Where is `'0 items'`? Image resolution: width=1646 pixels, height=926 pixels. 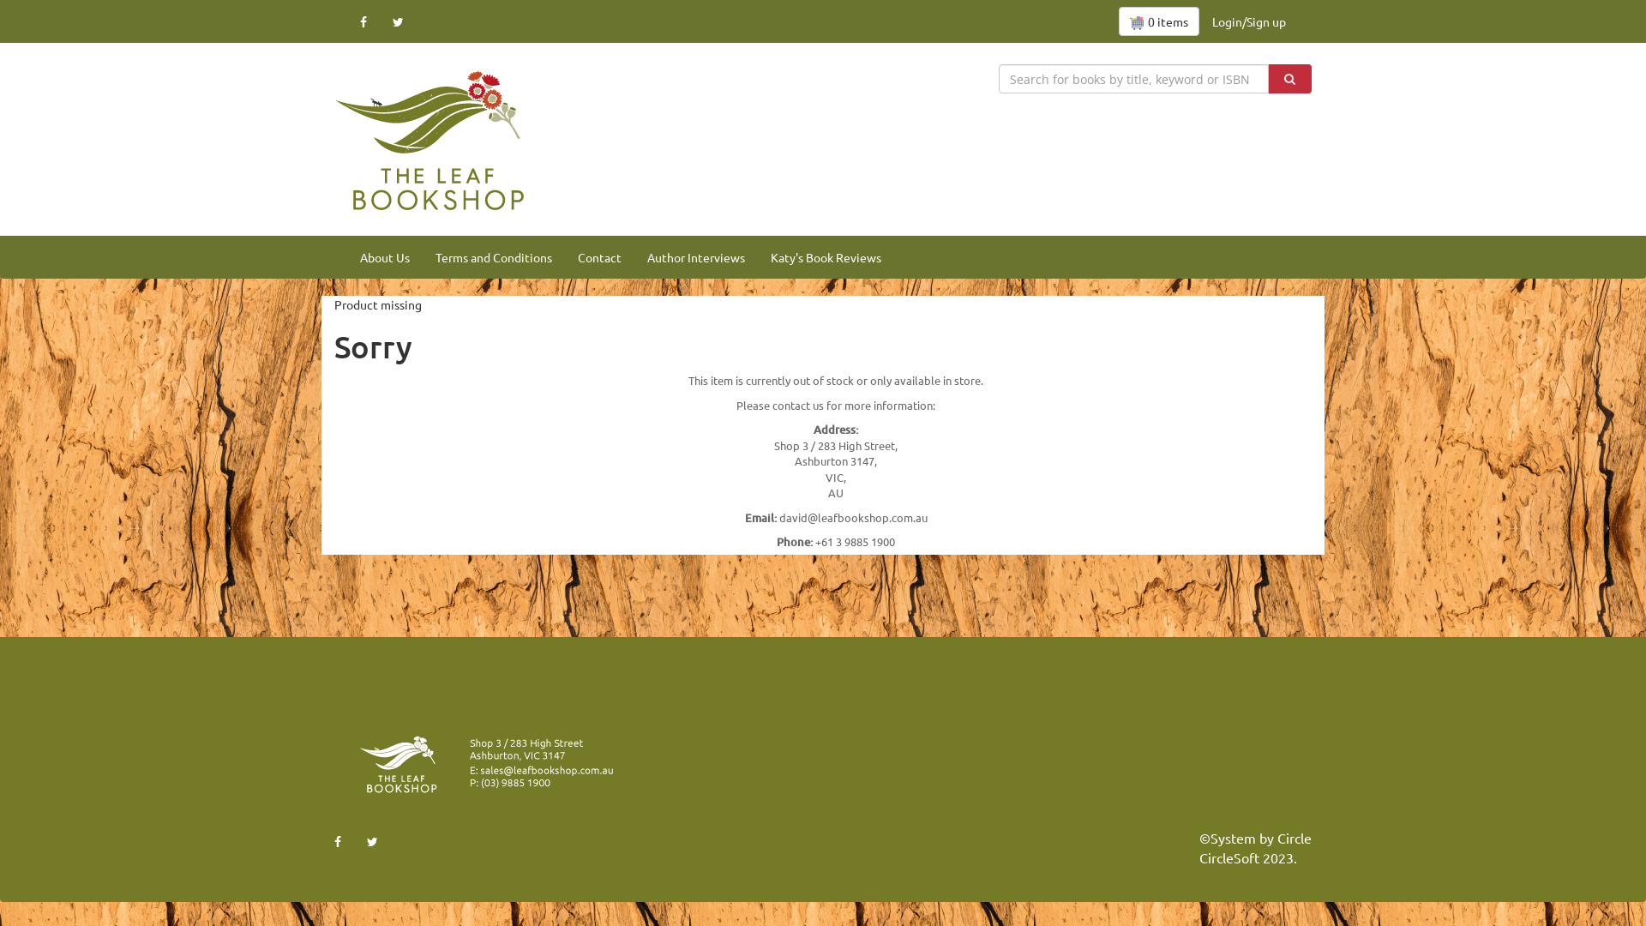 '0 items' is located at coordinates (1119, 21).